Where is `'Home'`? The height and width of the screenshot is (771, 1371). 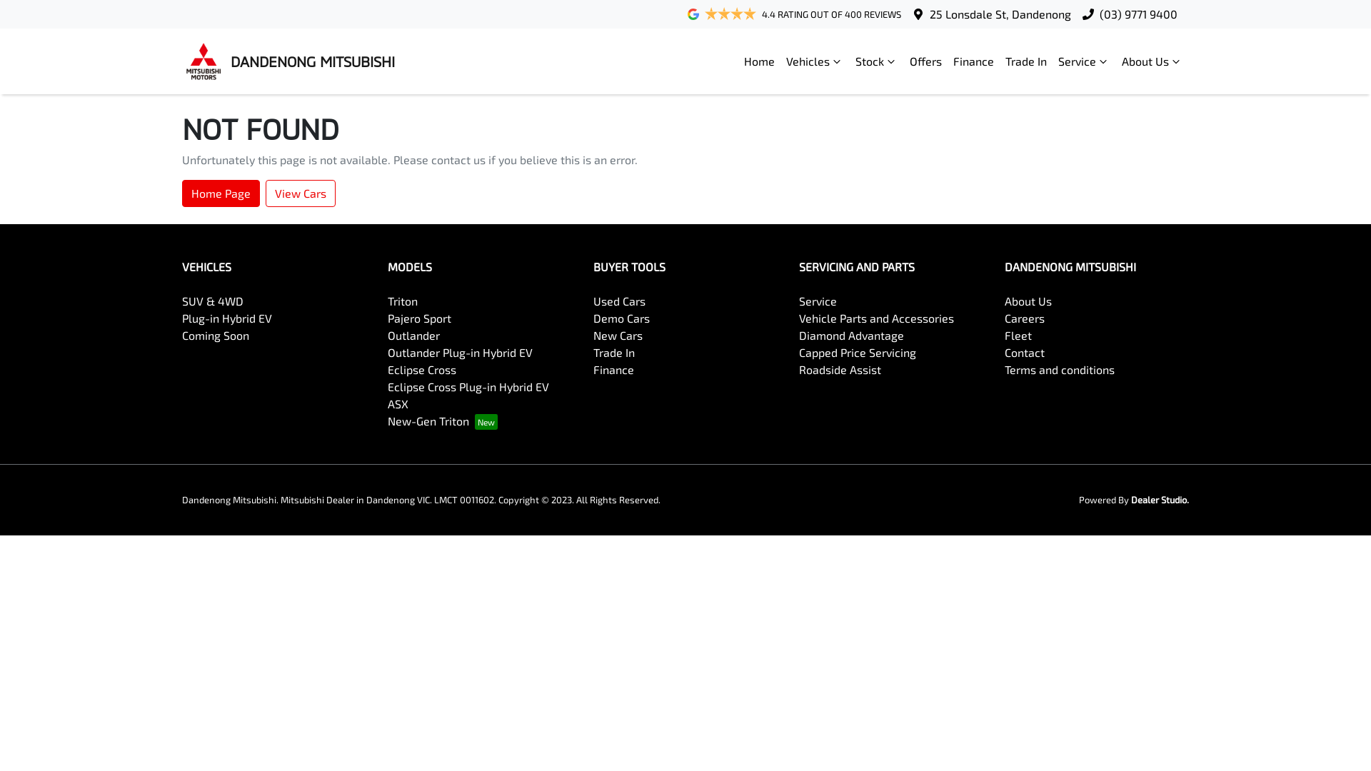 'Home' is located at coordinates (758, 60).